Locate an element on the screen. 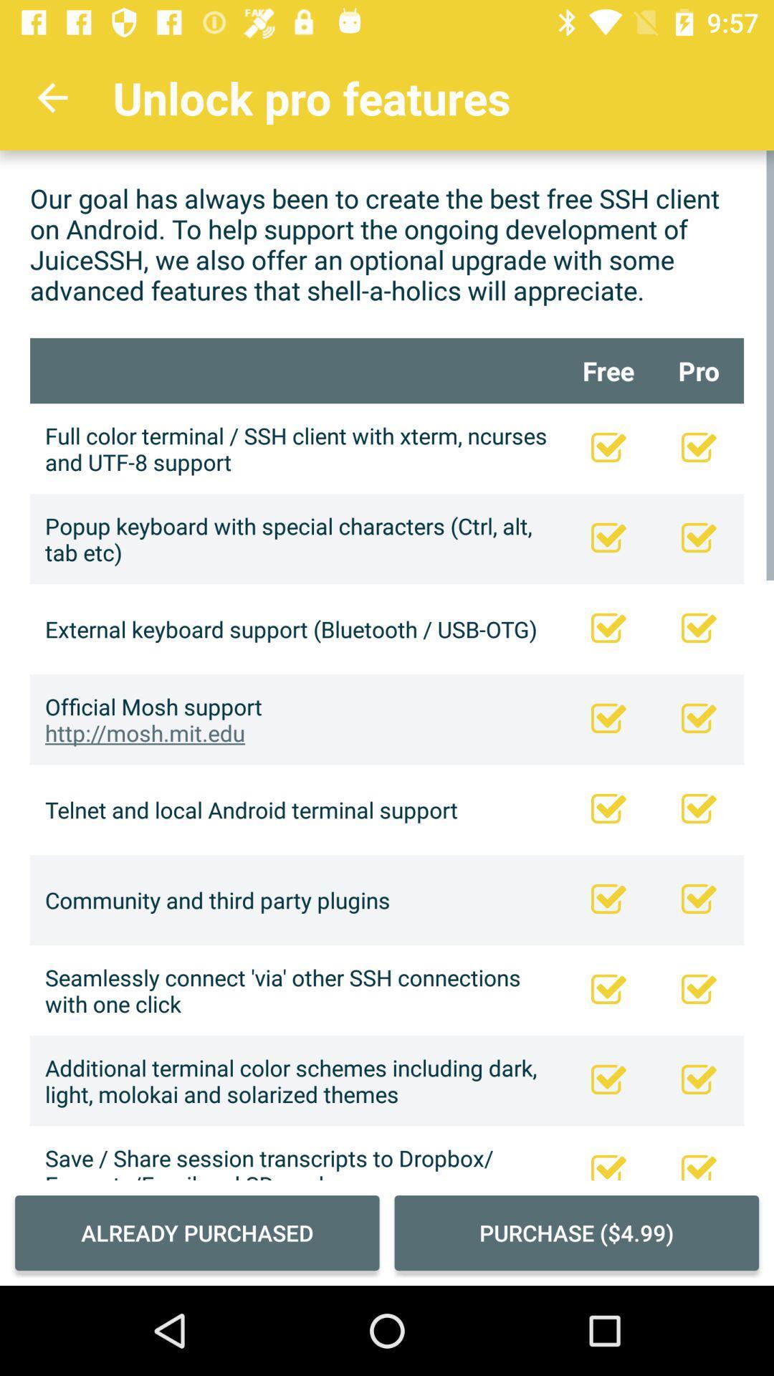 This screenshot has width=774, height=1376. already purchased is located at coordinates (197, 1232).